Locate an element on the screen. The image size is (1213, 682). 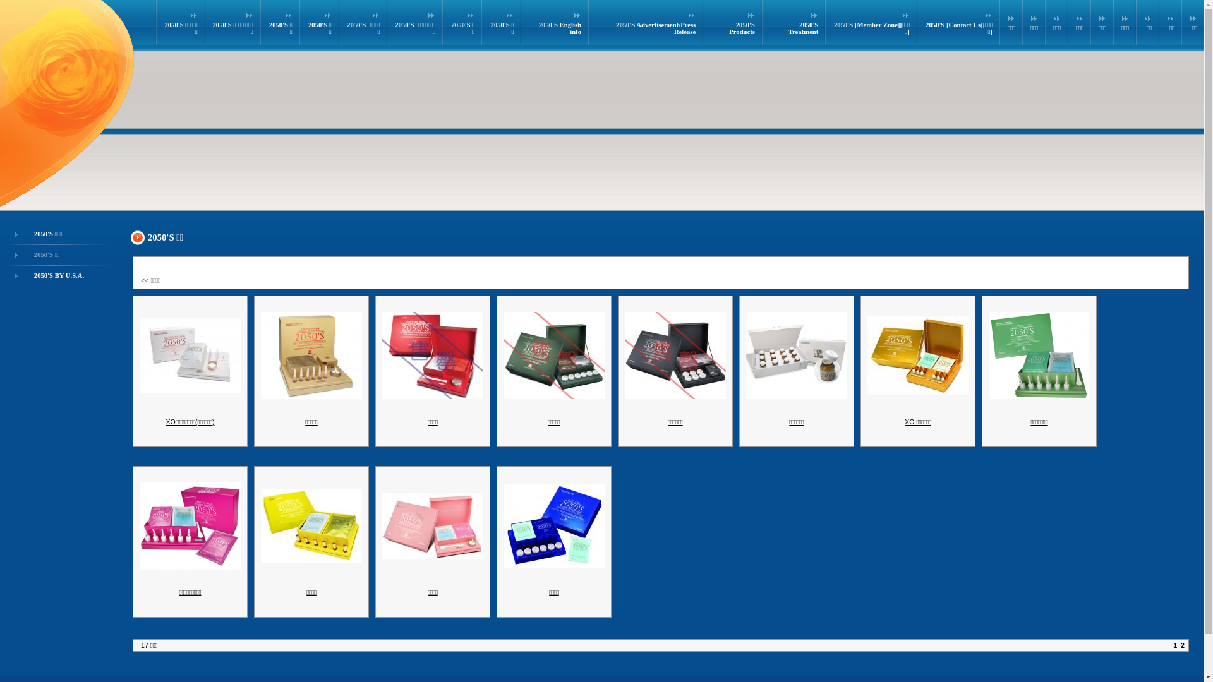
'2050'S BY U.S.A.' is located at coordinates (58, 275).